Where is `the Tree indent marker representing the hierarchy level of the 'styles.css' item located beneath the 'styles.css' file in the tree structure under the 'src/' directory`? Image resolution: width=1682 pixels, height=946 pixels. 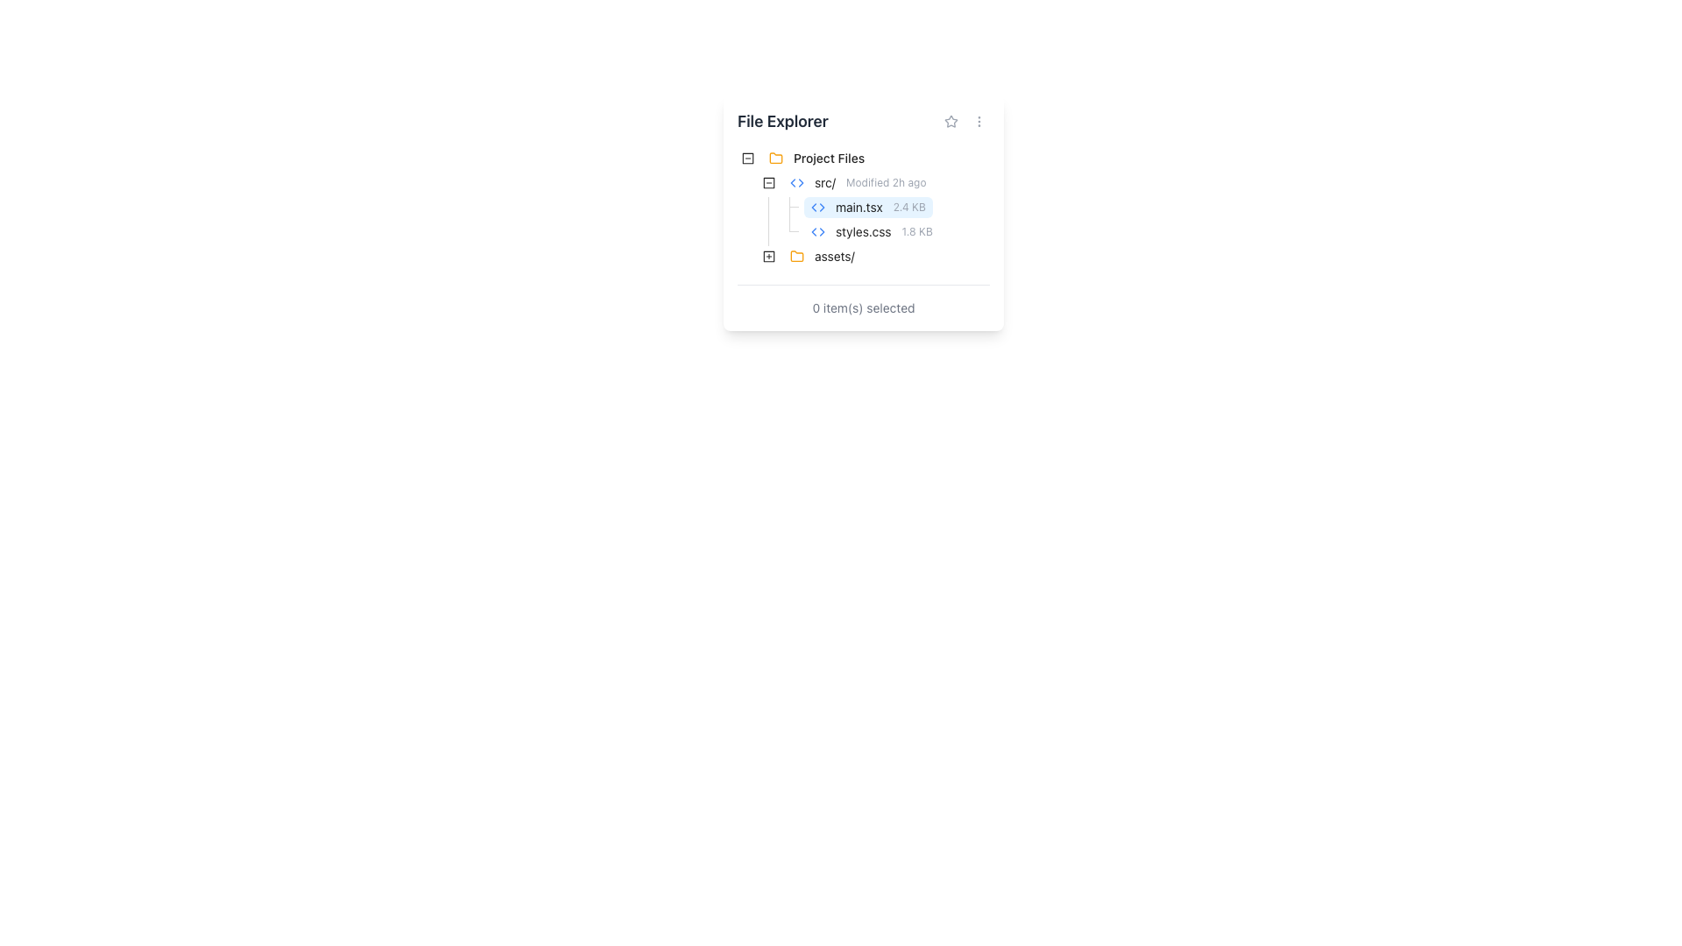
the Tree indent marker representing the hierarchy level of the 'styles.css' item located beneath the 'styles.css' file in the tree structure under the 'src/' directory is located at coordinates (758, 231).